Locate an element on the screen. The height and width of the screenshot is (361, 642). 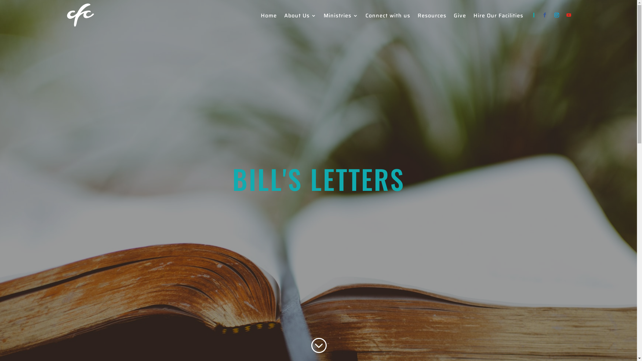
'Connect with us' is located at coordinates (387, 16).